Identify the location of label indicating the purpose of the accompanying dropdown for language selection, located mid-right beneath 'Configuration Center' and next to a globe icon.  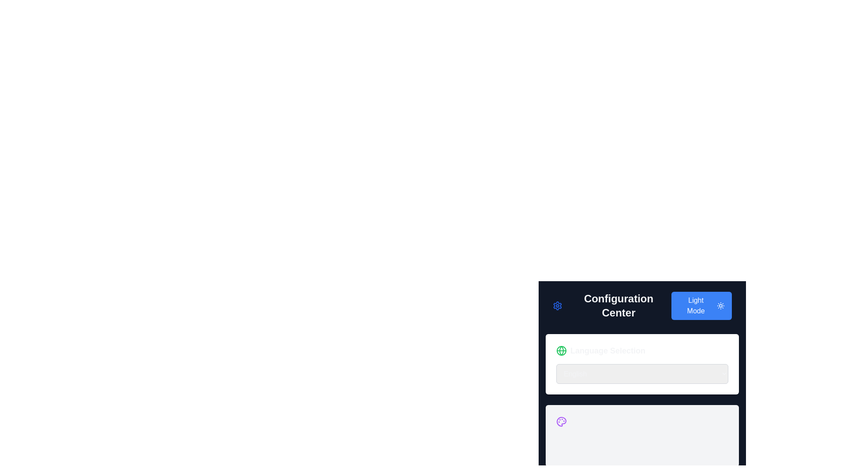
(607, 350).